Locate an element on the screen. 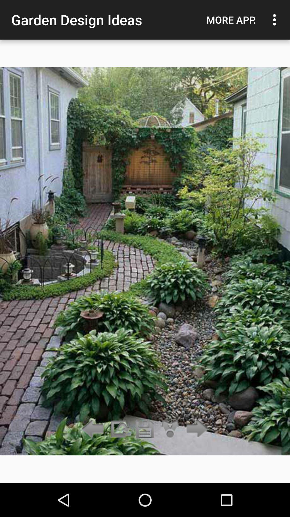 The image size is (290, 517). the more app. is located at coordinates (231, 20).